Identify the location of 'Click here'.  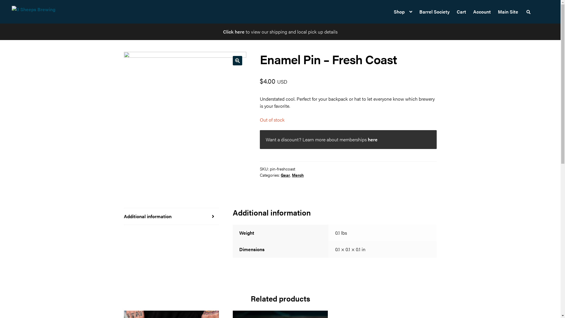
(223, 32).